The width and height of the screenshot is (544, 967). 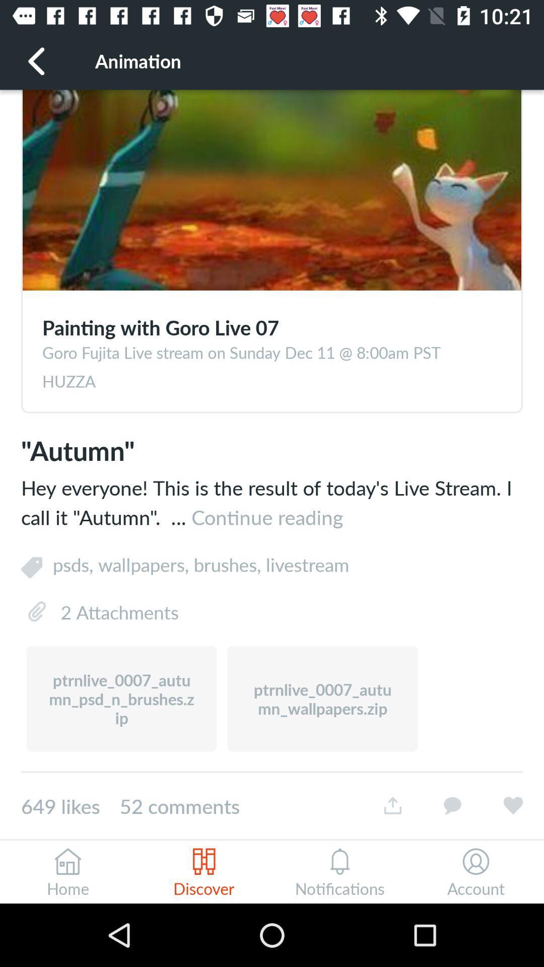 I want to click on icon next to animation, so click(x=36, y=60).